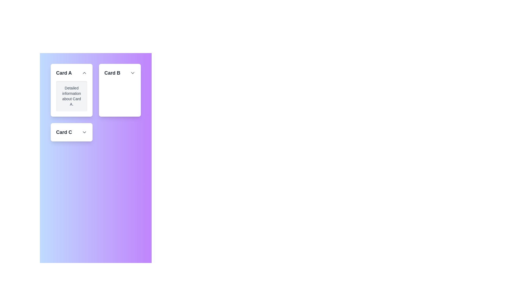  Describe the element at coordinates (71, 132) in the screenshot. I see `the Button-like interactive card for 'Card C' located in the grid layout, positioned below 'Card A' and to the left of 'Card B'` at that location.